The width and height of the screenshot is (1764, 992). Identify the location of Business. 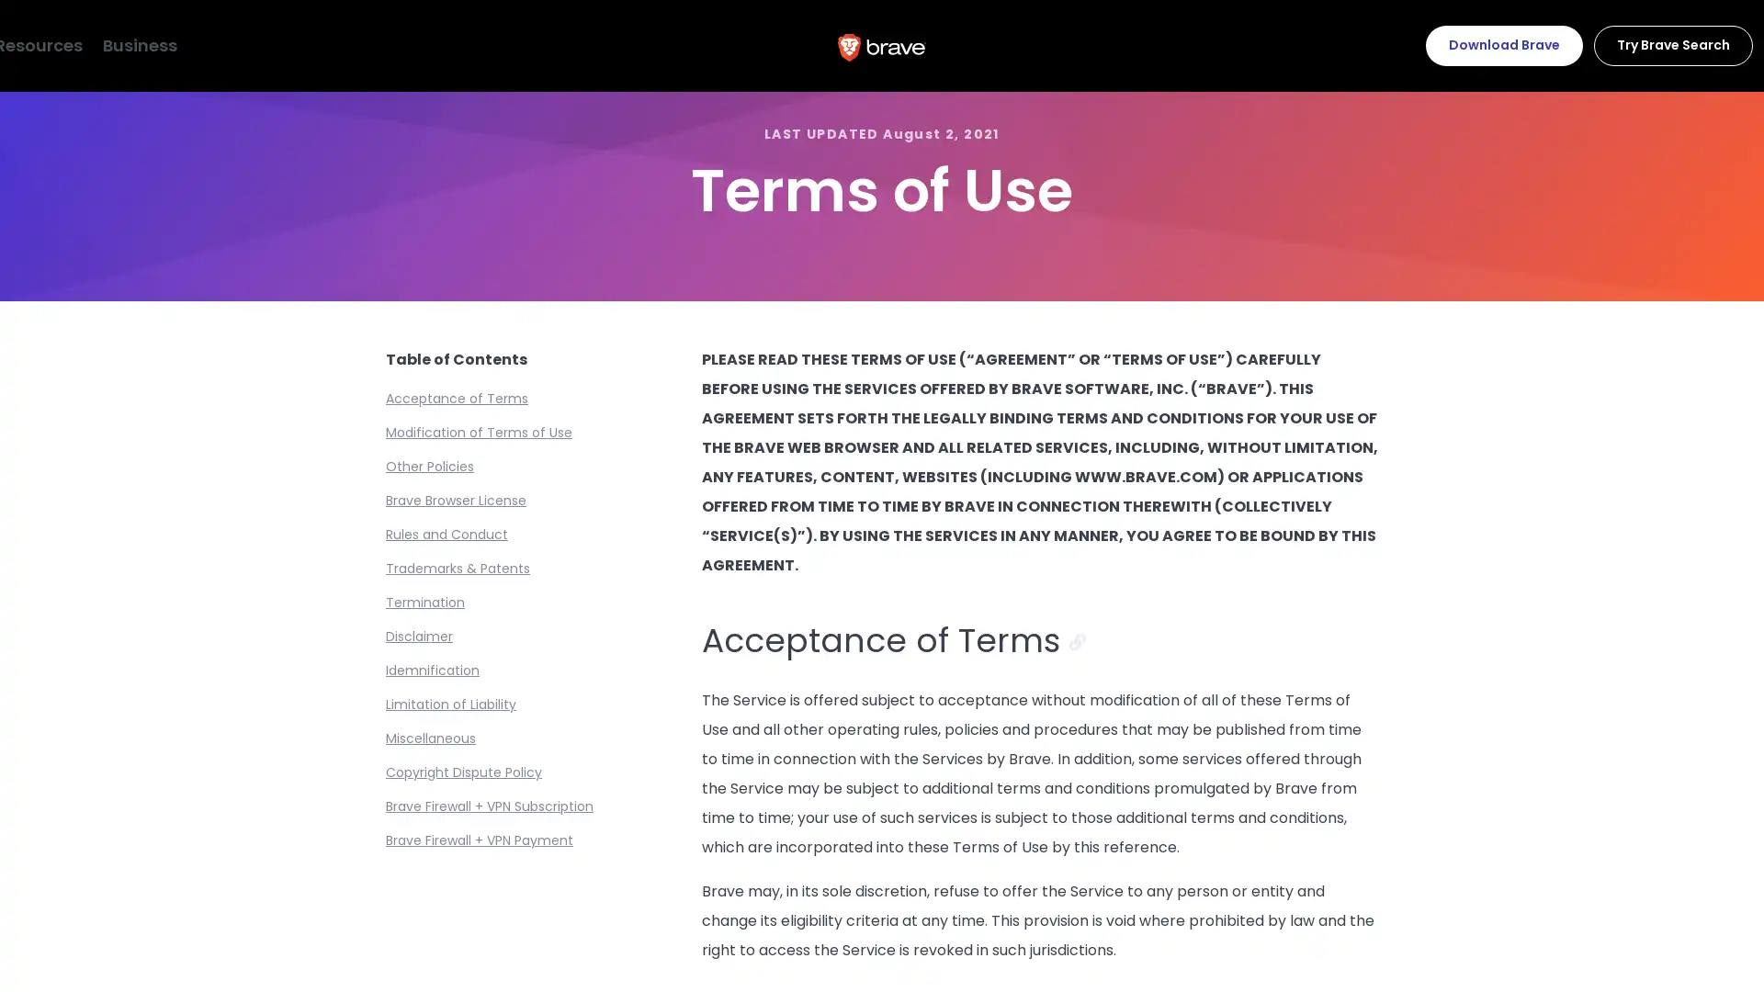
(432, 44).